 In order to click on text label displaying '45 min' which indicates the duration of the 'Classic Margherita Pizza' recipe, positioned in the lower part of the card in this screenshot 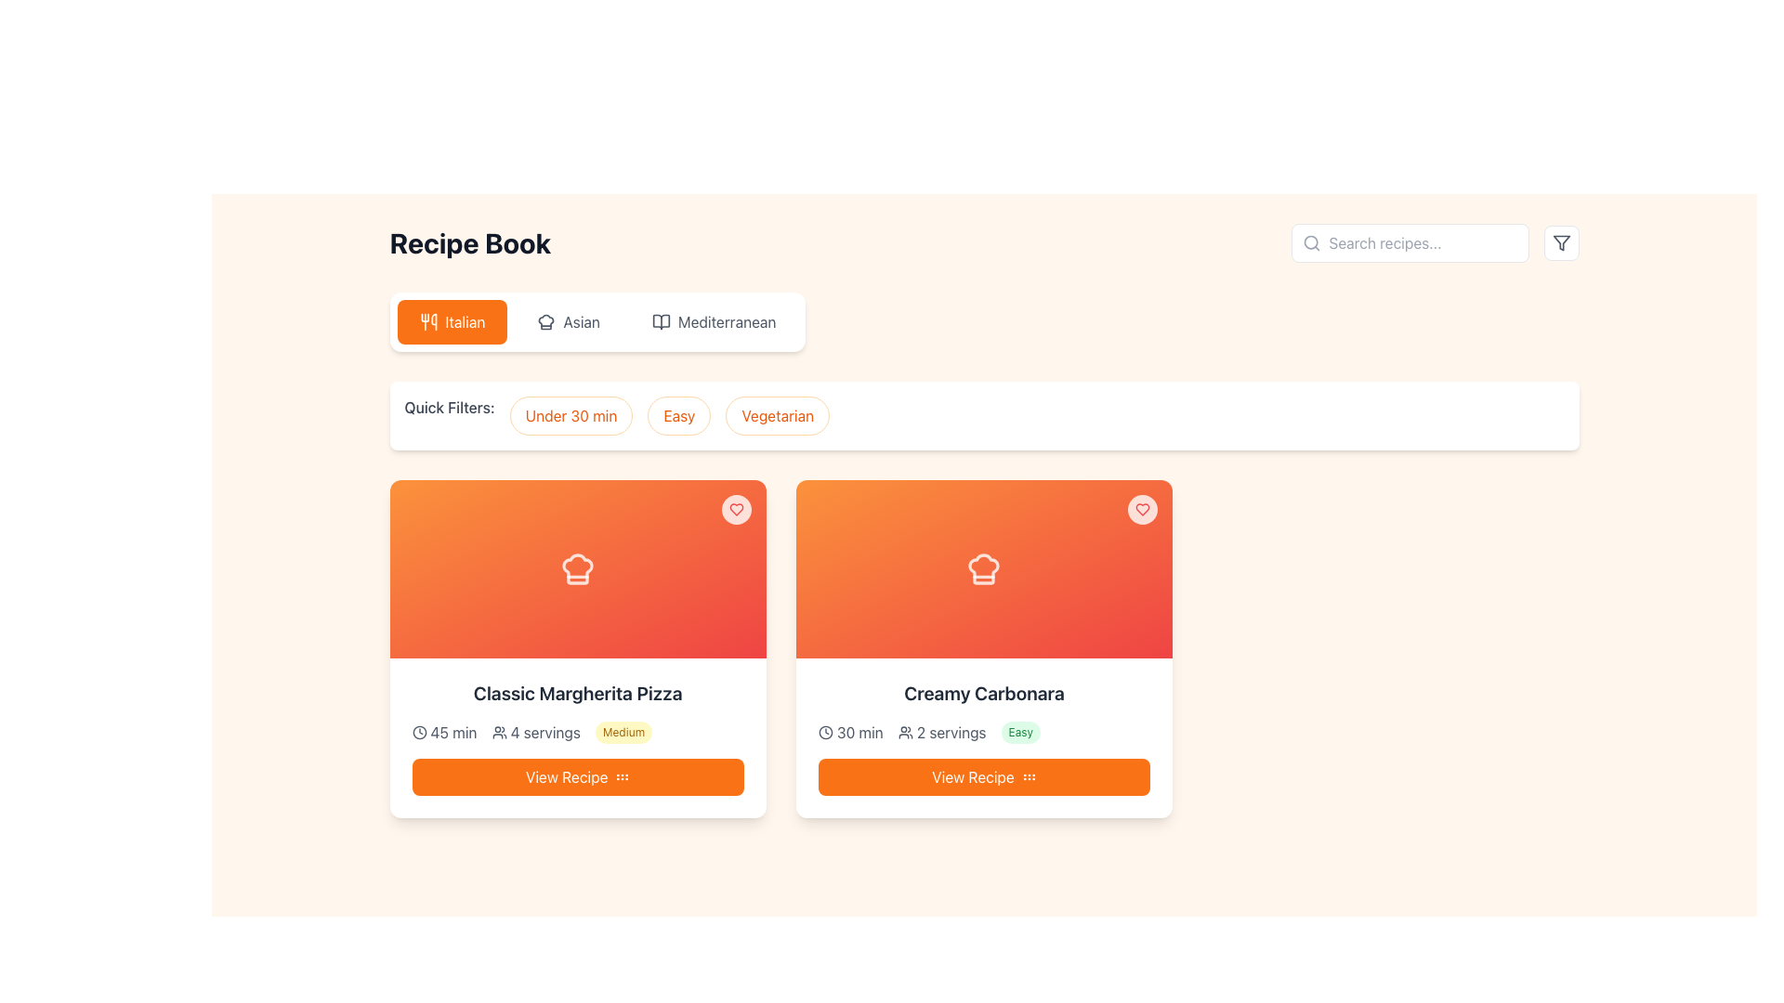, I will do `click(453, 732)`.